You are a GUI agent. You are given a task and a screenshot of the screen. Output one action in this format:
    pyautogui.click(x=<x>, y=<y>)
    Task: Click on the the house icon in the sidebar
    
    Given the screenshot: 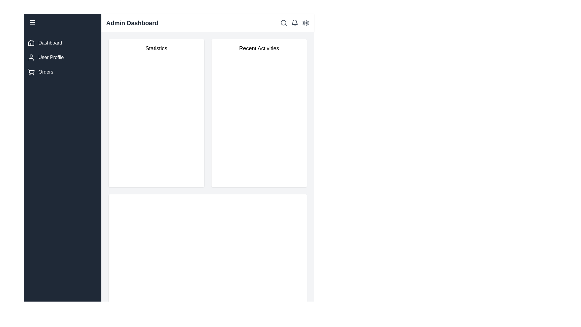 What is the action you would take?
    pyautogui.click(x=31, y=43)
    